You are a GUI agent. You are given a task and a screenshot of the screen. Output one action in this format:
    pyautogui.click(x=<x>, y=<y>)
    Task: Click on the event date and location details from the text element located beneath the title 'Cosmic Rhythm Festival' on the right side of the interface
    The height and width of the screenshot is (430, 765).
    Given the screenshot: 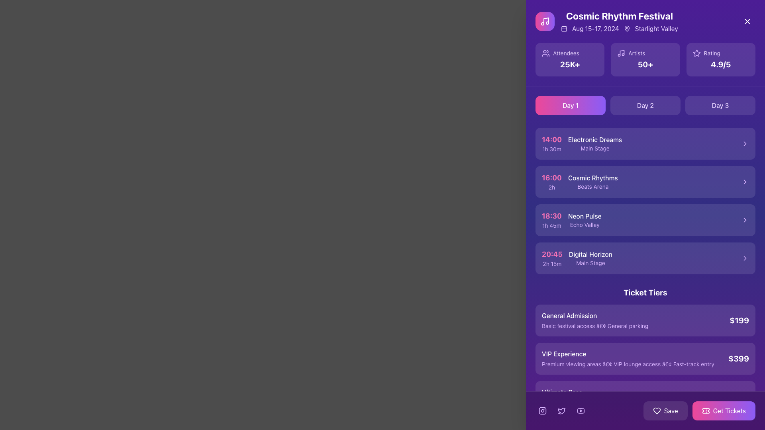 What is the action you would take?
    pyautogui.click(x=619, y=28)
    